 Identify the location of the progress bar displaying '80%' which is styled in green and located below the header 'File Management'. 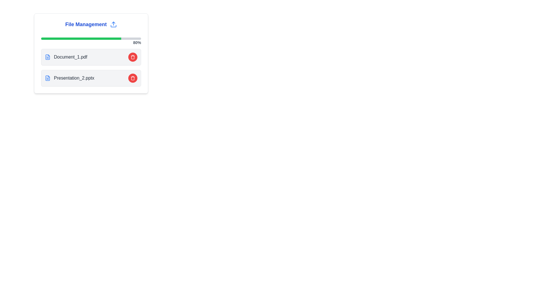
(91, 38).